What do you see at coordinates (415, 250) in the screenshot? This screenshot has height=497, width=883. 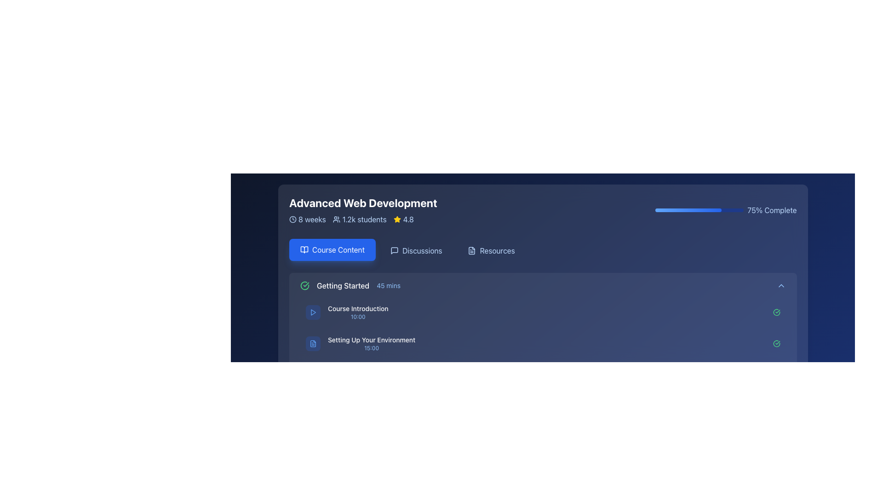 I see `the Discussions navigation button` at bounding box center [415, 250].